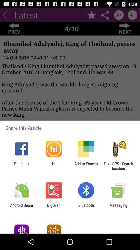  What do you see at coordinates (86, 166) in the screenshot?
I see `item to the right of hi` at bounding box center [86, 166].